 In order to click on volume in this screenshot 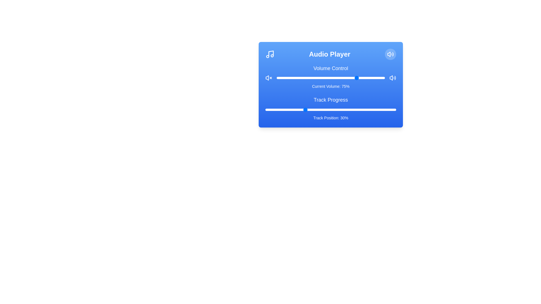, I will do `click(373, 77)`.